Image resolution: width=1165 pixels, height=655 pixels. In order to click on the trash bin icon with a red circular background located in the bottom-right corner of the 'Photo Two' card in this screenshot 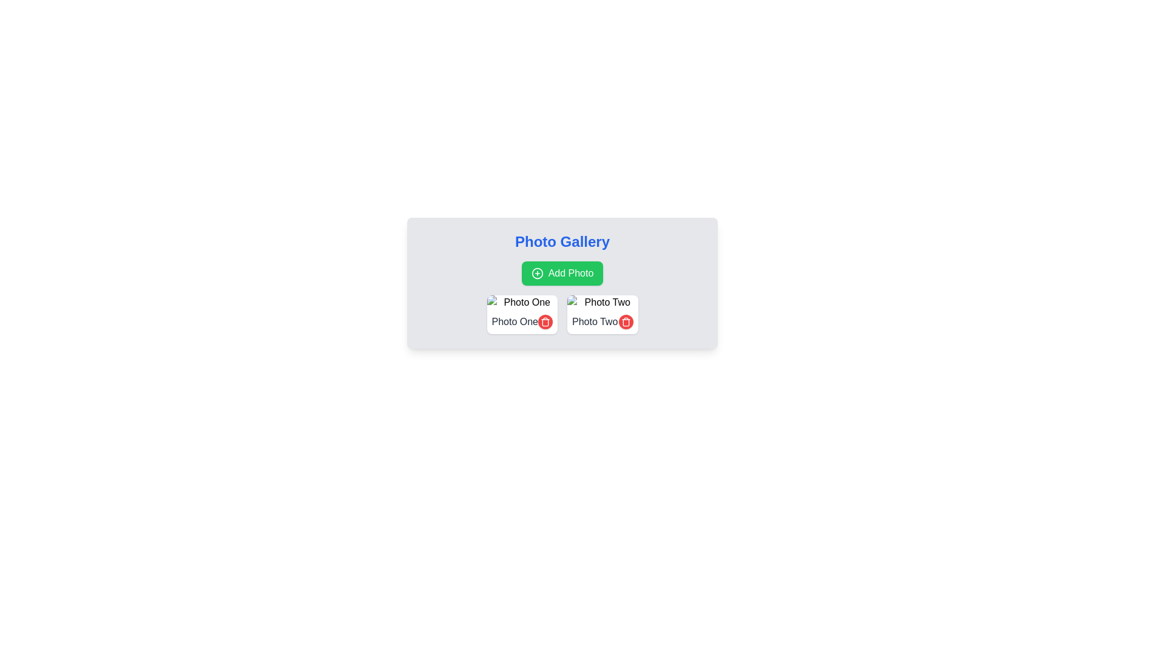, I will do `click(626, 321)`.